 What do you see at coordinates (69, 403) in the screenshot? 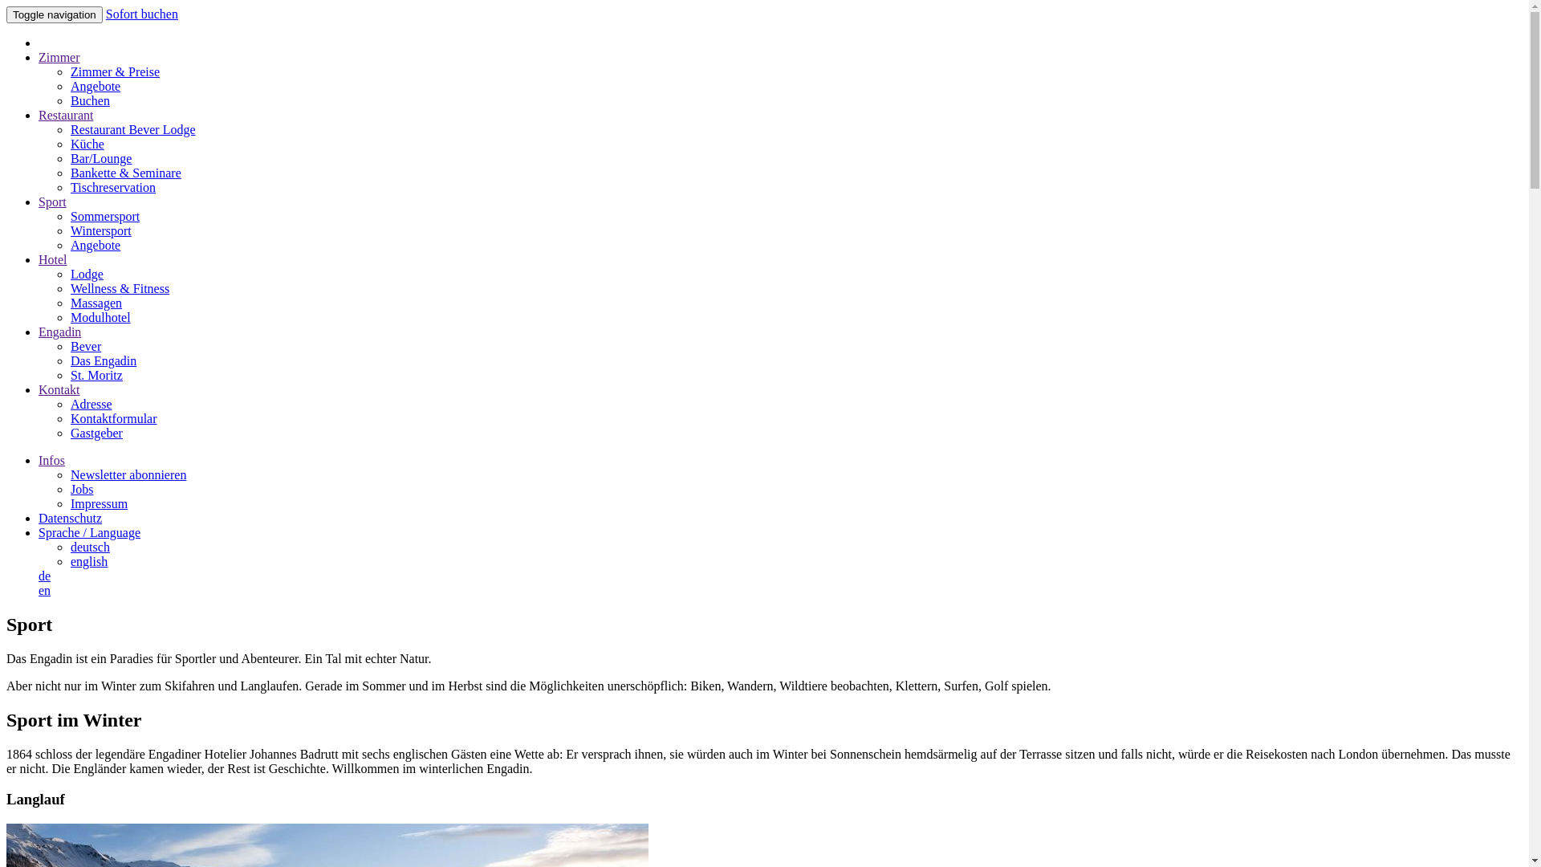
I see `'Adresse'` at bounding box center [69, 403].